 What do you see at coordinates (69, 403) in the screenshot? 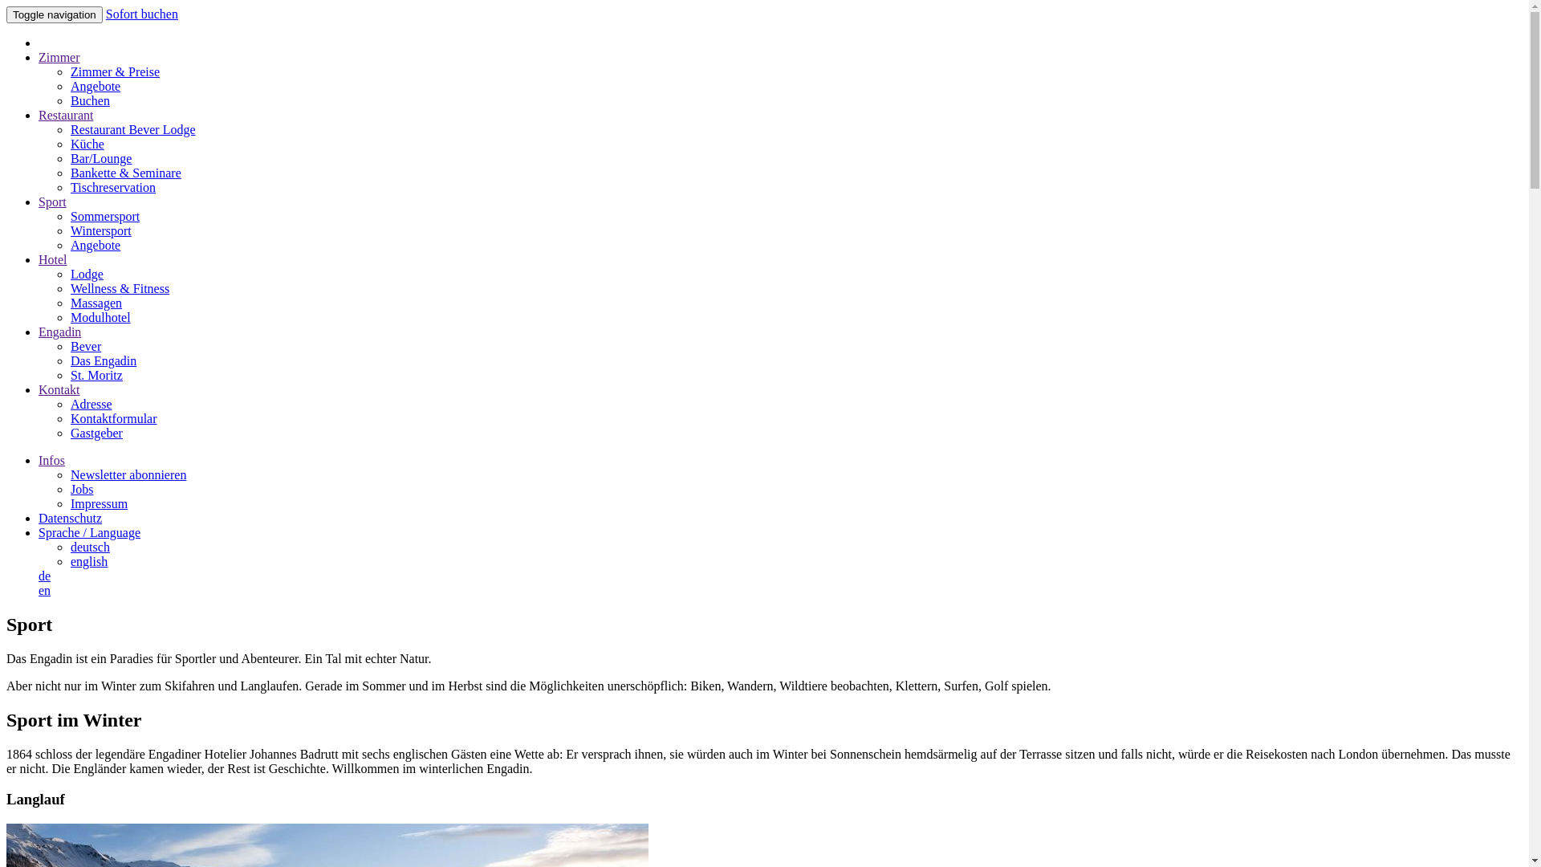
I see `'Adresse'` at bounding box center [69, 403].